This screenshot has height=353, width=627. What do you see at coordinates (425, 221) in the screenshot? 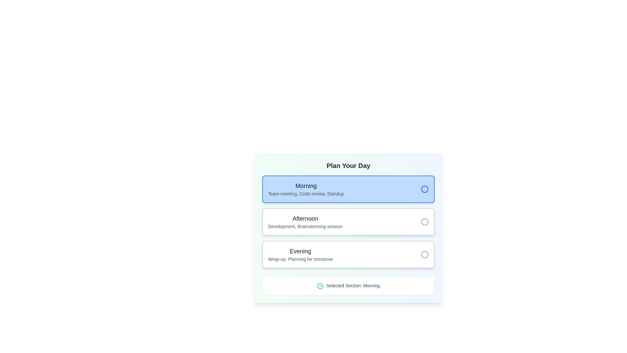
I see `the radio button located in the 'Afternoon' section, which is styled as an outlined circle in gray` at bounding box center [425, 221].